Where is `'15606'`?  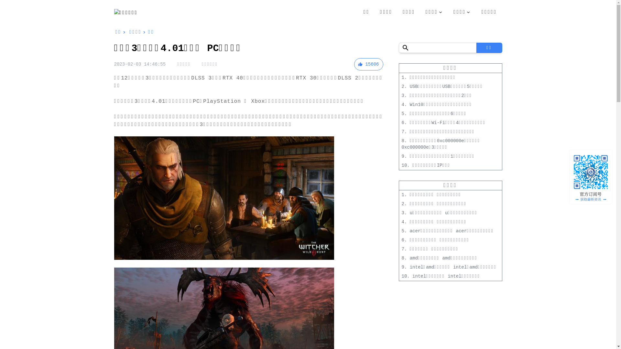 '15606' is located at coordinates (368, 64).